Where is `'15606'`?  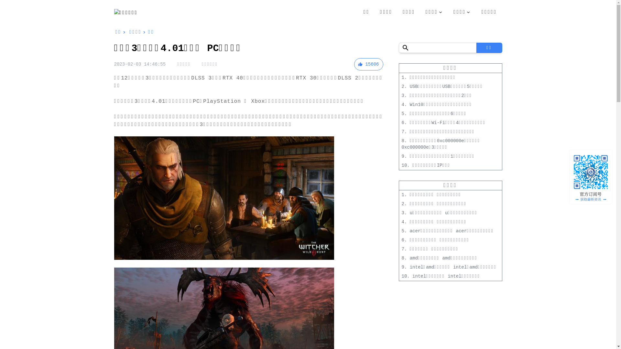 '15606' is located at coordinates (368, 64).